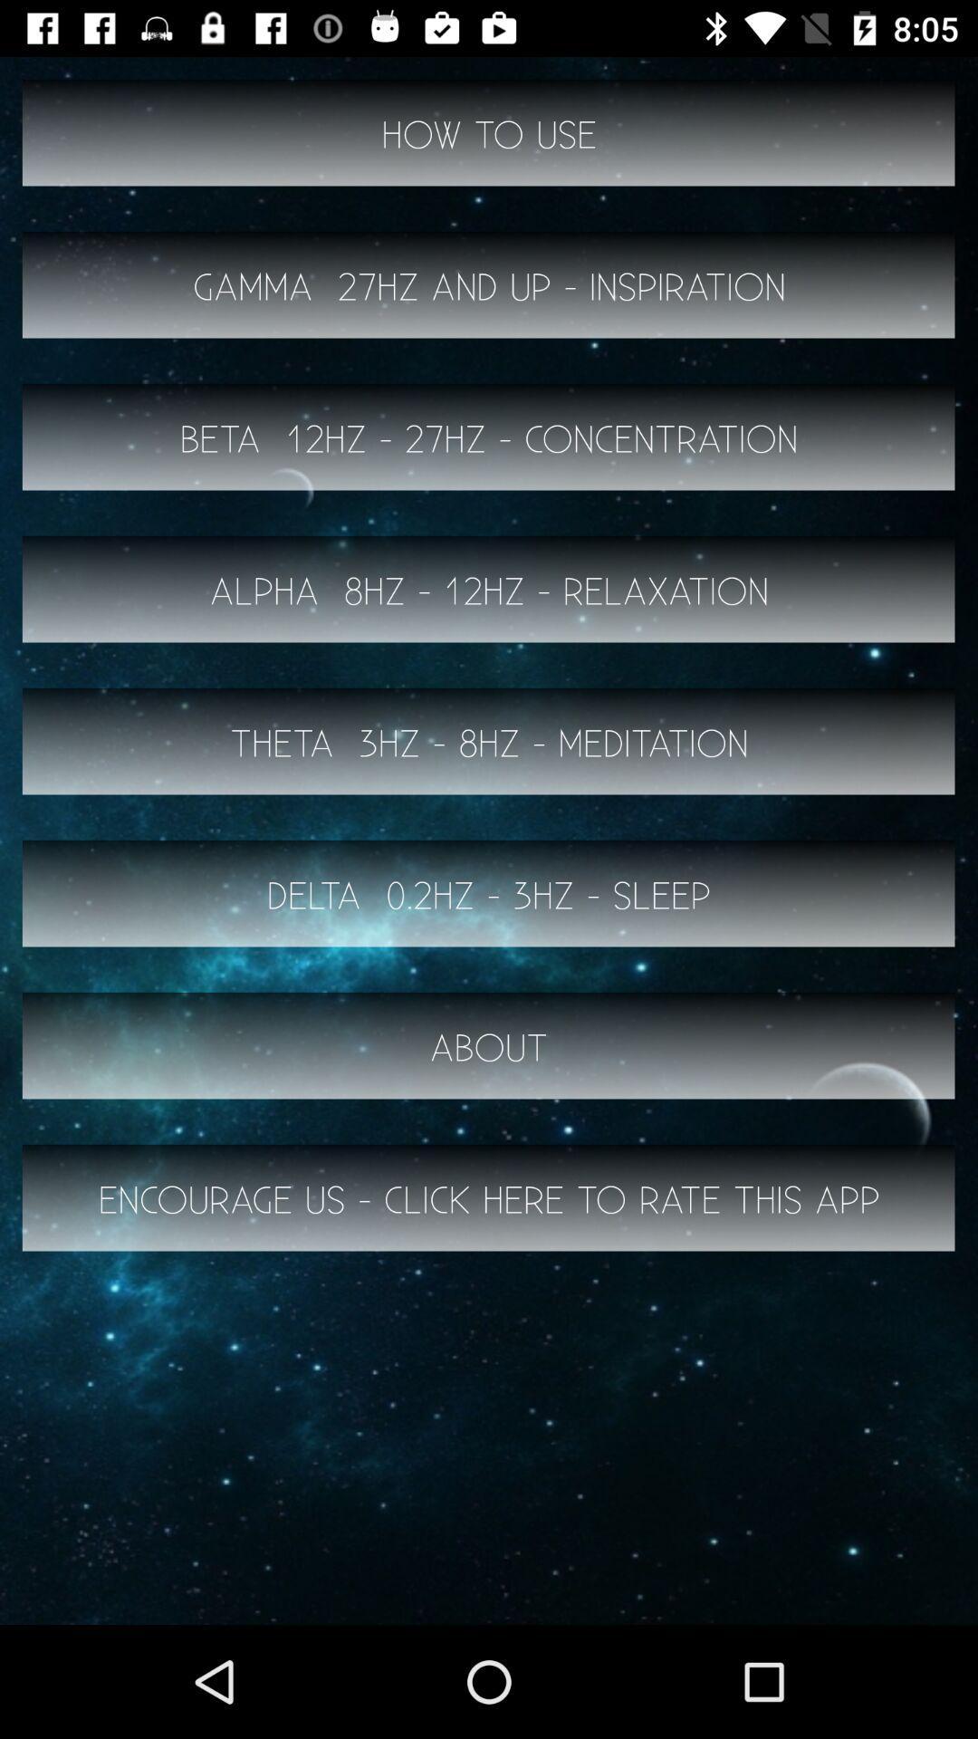 The image size is (978, 1739). What do you see at coordinates (489, 742) in the screenshot?
I see `the theta 3hz 8hz item` at bounding box center [489, 742].